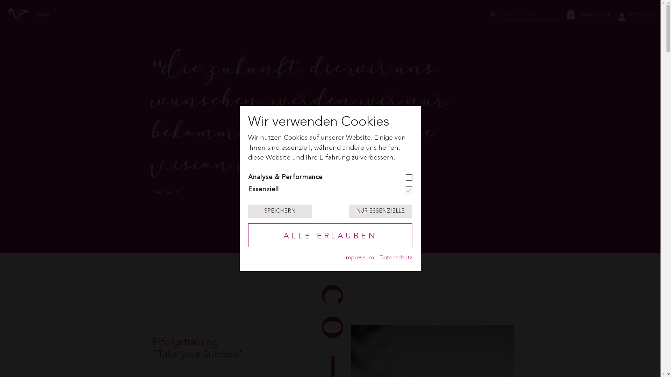 The height and width of the screenshot is (377, 671). What do you see at coordinates (637, 15) in the screenshot?
I see `'ANMELDEN'` at bounding box center [637, 15].